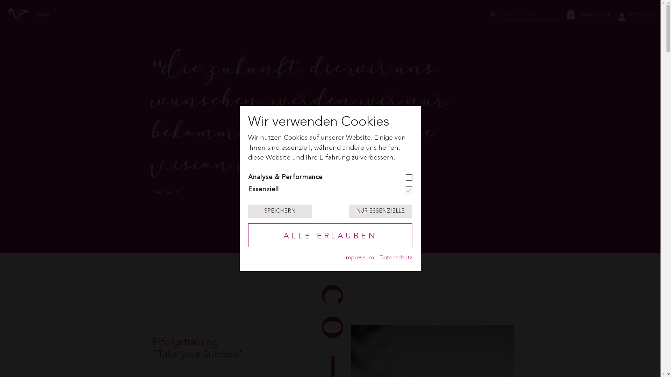 The height and width of the screenshot is (377, 671). What do you see at coordinates (637, 15) in the screenshot?
I see `'ANMELDEN'` at bounding box center [637, 15].